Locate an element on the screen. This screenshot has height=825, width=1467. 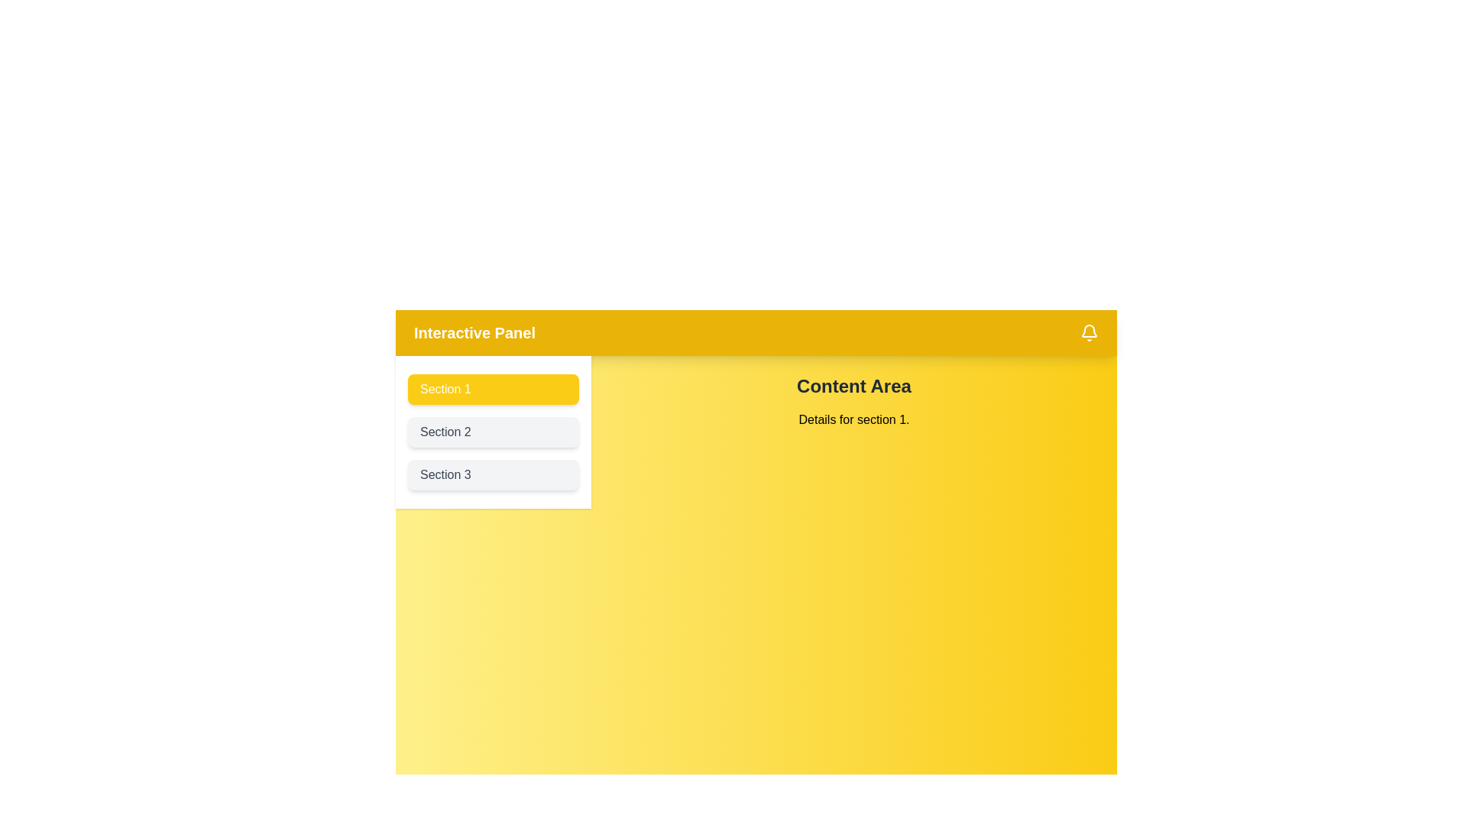
the leftmost Text label in the horizontal navigation bar at the top of the interface is located at coordinates (474, 332).